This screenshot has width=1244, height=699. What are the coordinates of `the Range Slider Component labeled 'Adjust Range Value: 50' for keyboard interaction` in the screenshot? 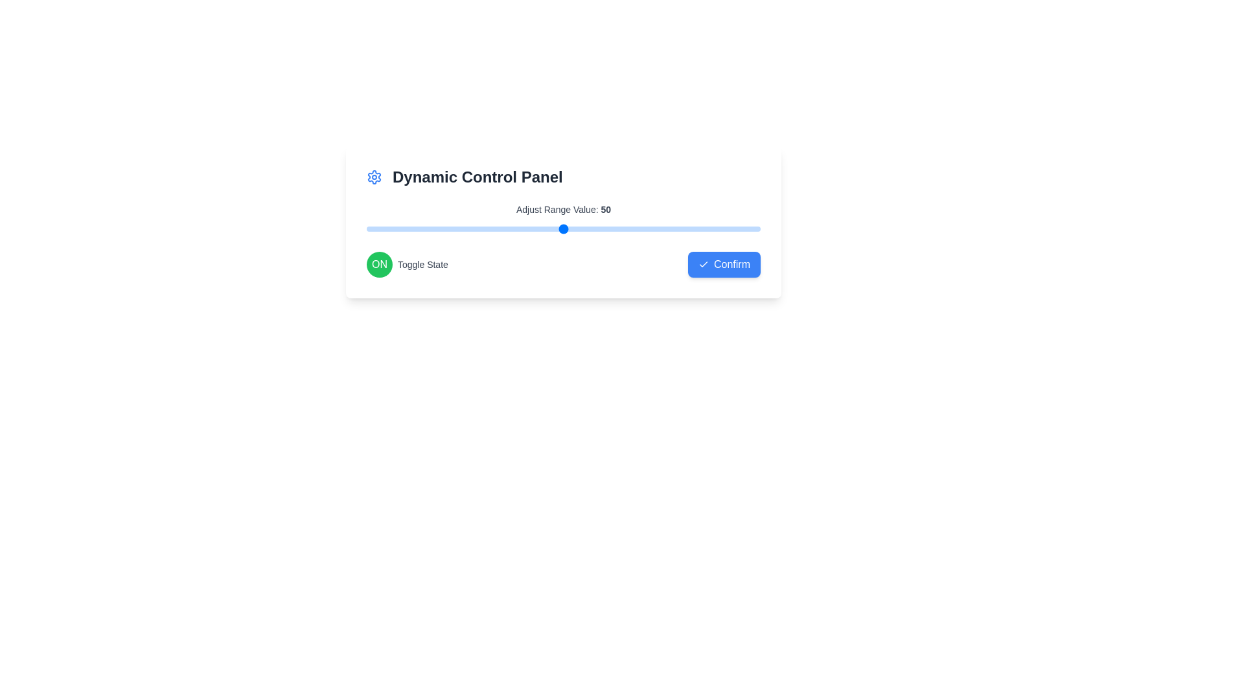 It's located at (563, 219).